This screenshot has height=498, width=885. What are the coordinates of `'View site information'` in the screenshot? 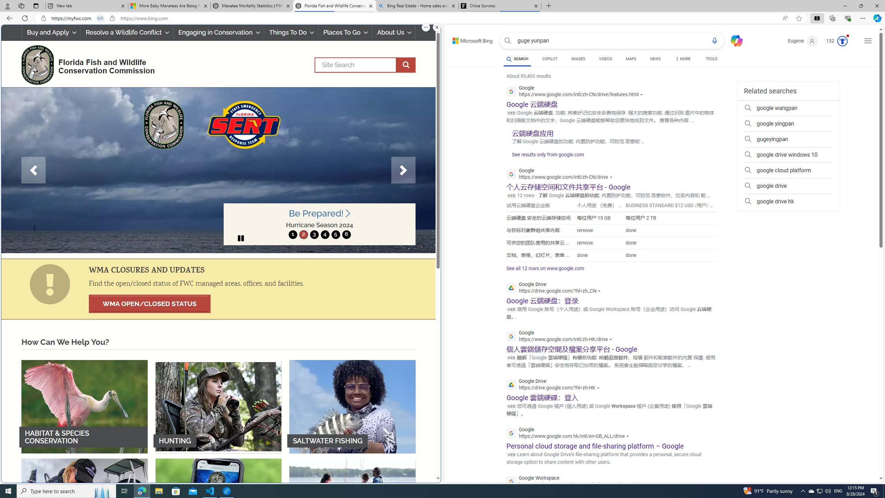 It's located at (112, 18).